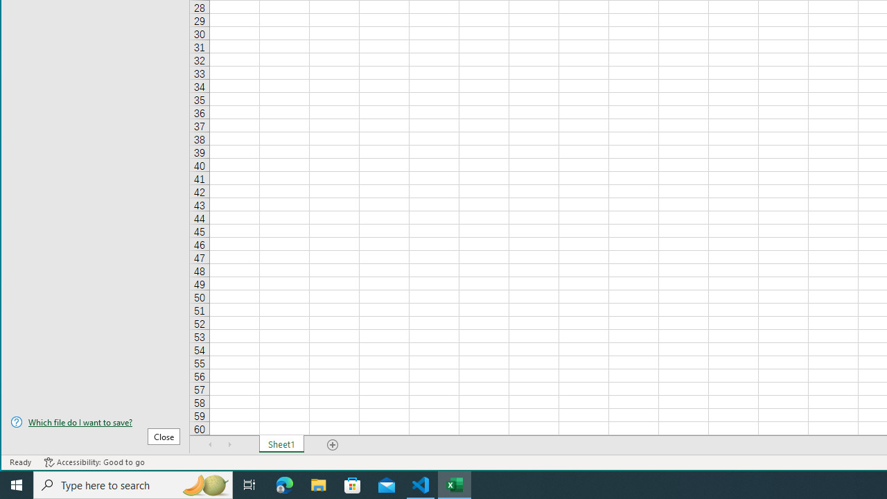 This screenshot has width=887, height=499. Describe the element at coordinates (353, 484) in the screenshot. I see `'Microsoft Store'` at that location.